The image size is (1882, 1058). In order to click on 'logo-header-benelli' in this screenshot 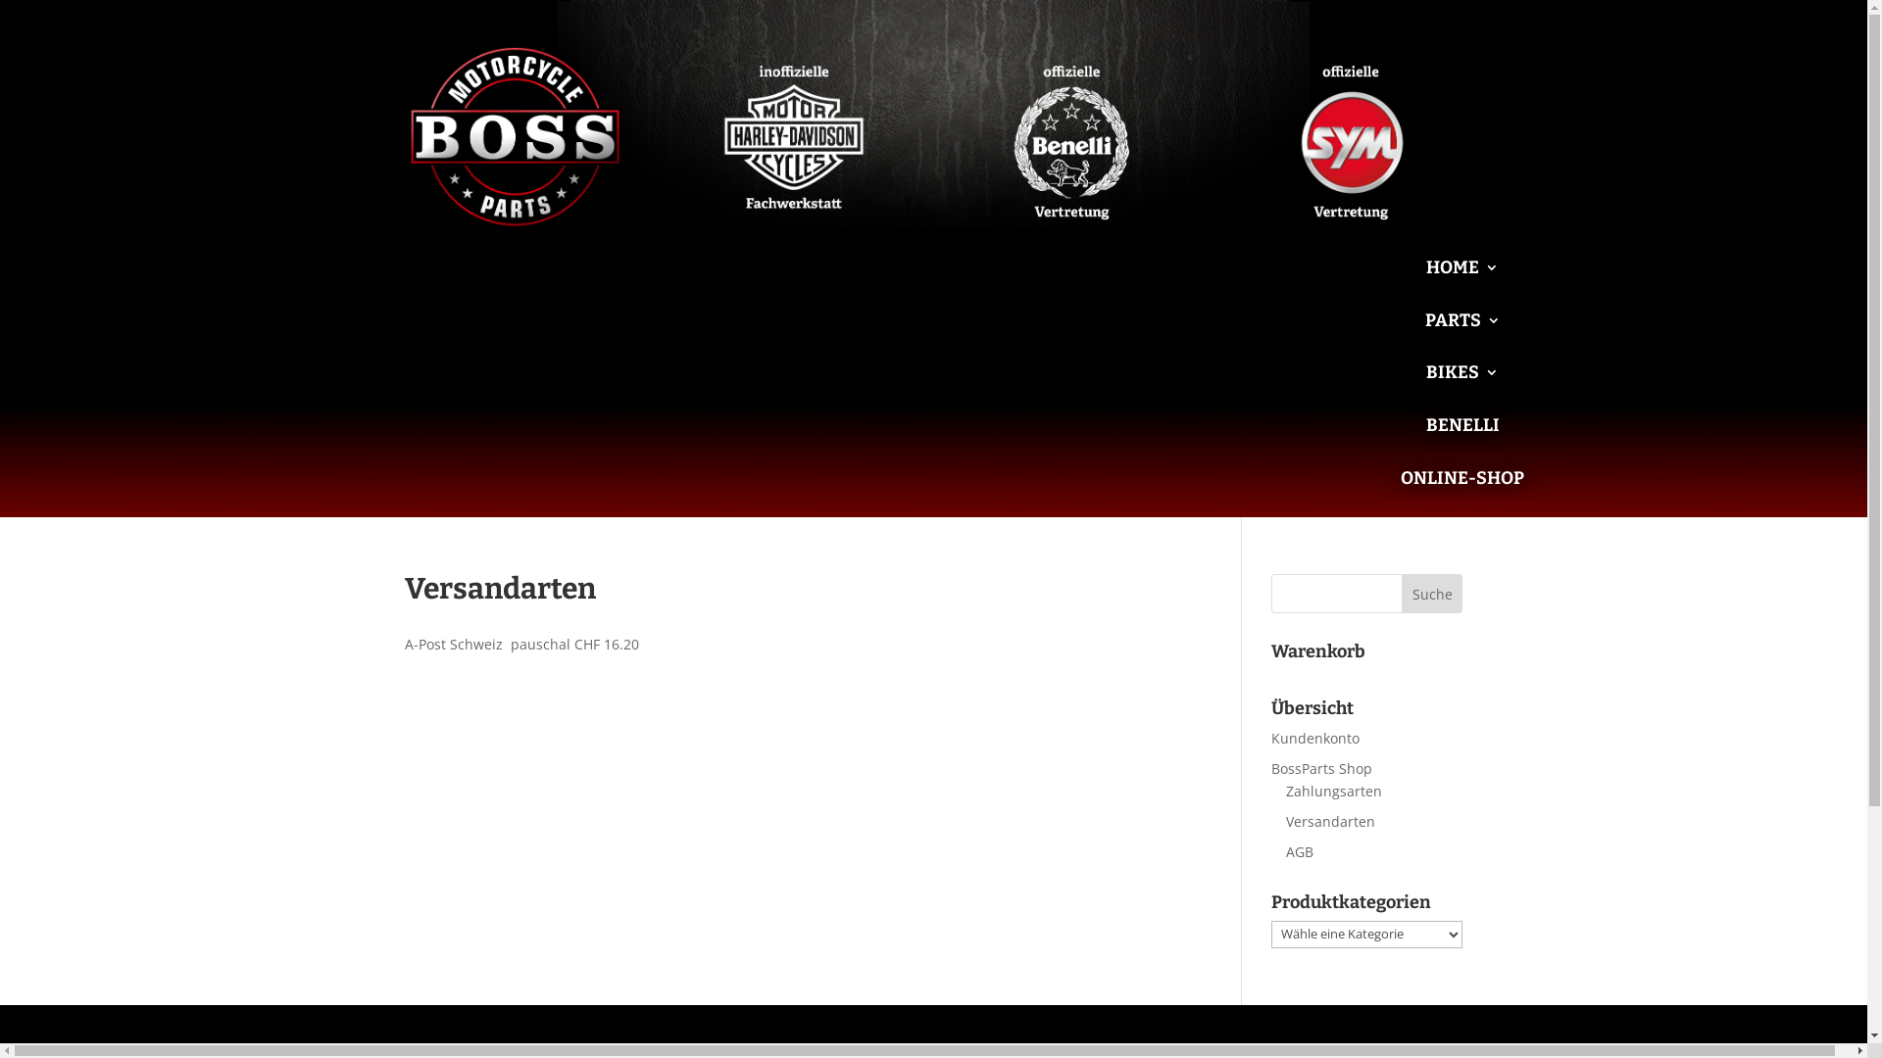, I will do `click(1071, 136)`.